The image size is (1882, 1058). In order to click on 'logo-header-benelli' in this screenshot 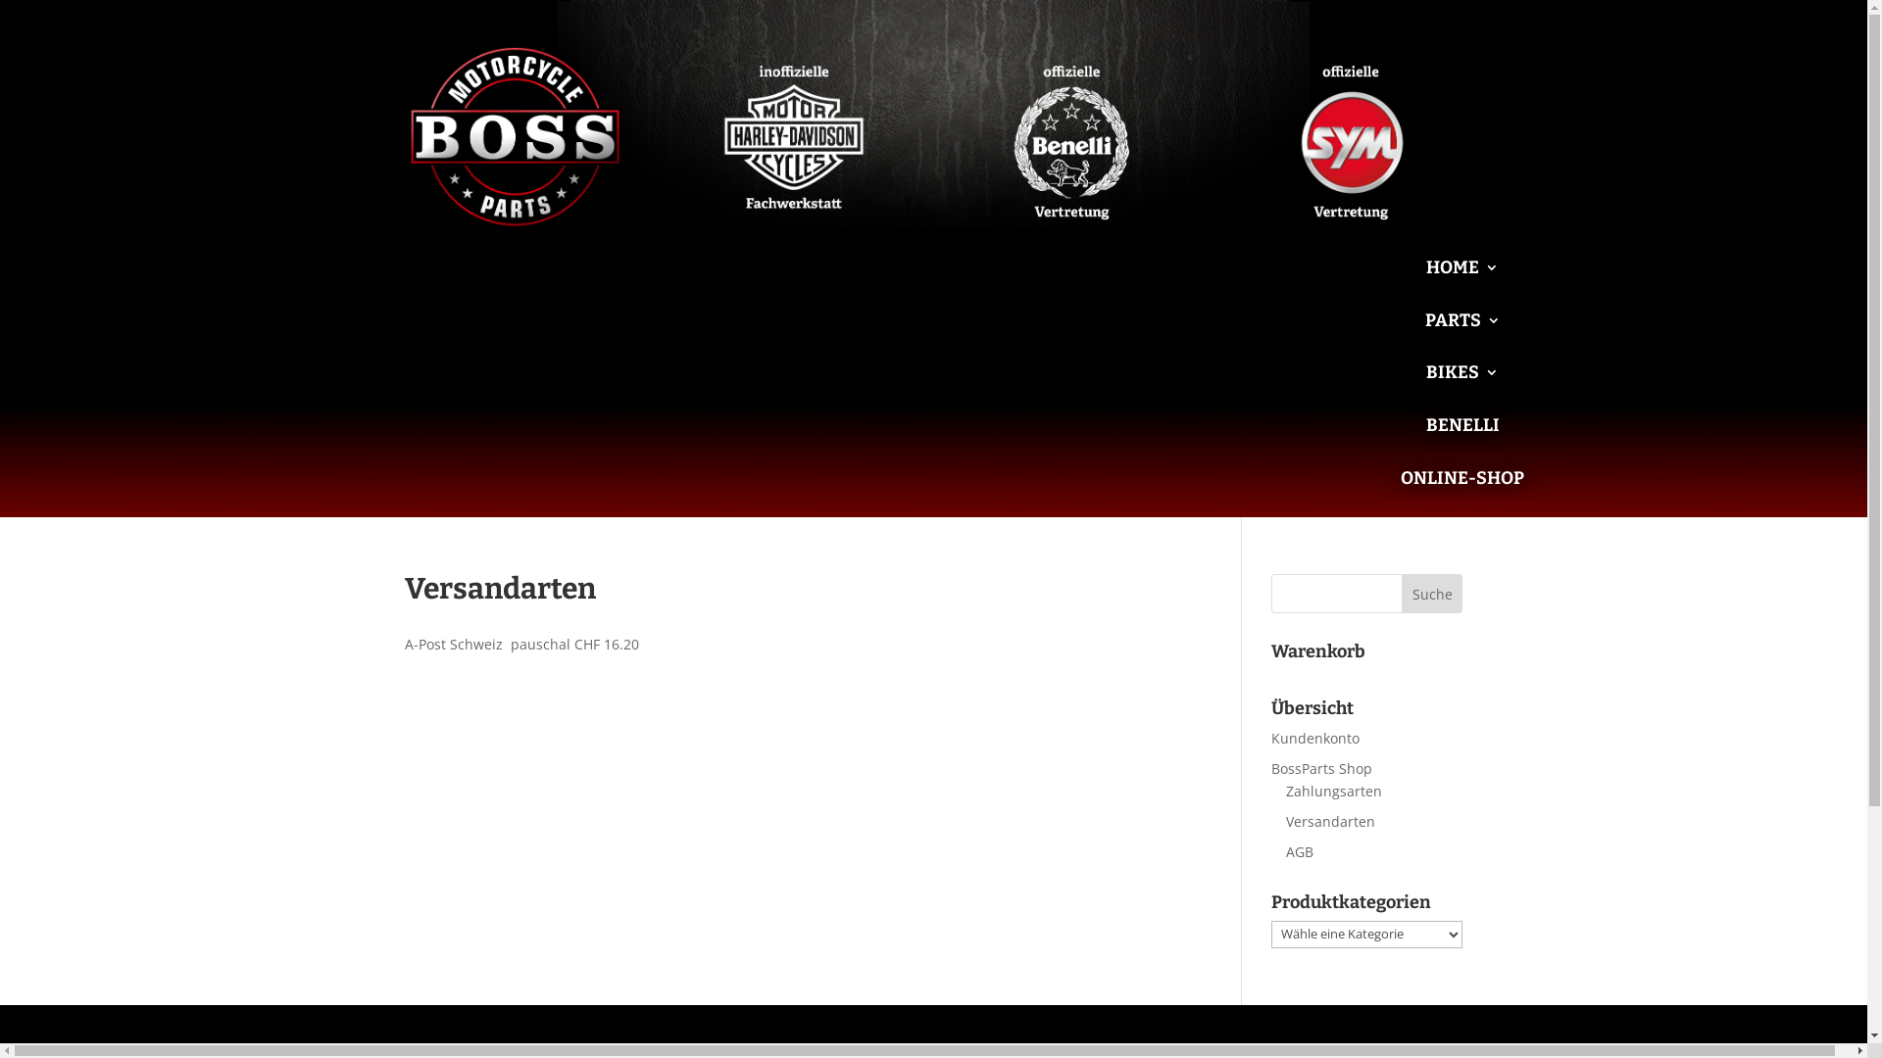, I will do `click(1071, 136)`.